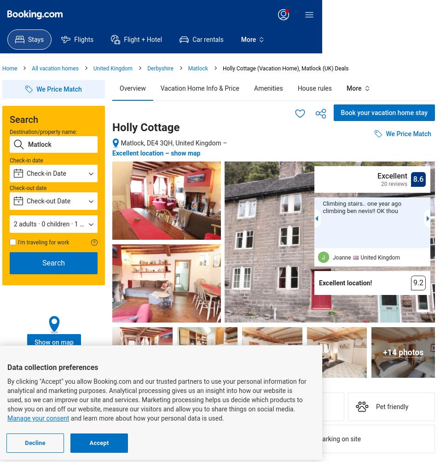 This screenshot has height=462, width=446. I want to click on 'Parking on site', so click(339, 439).